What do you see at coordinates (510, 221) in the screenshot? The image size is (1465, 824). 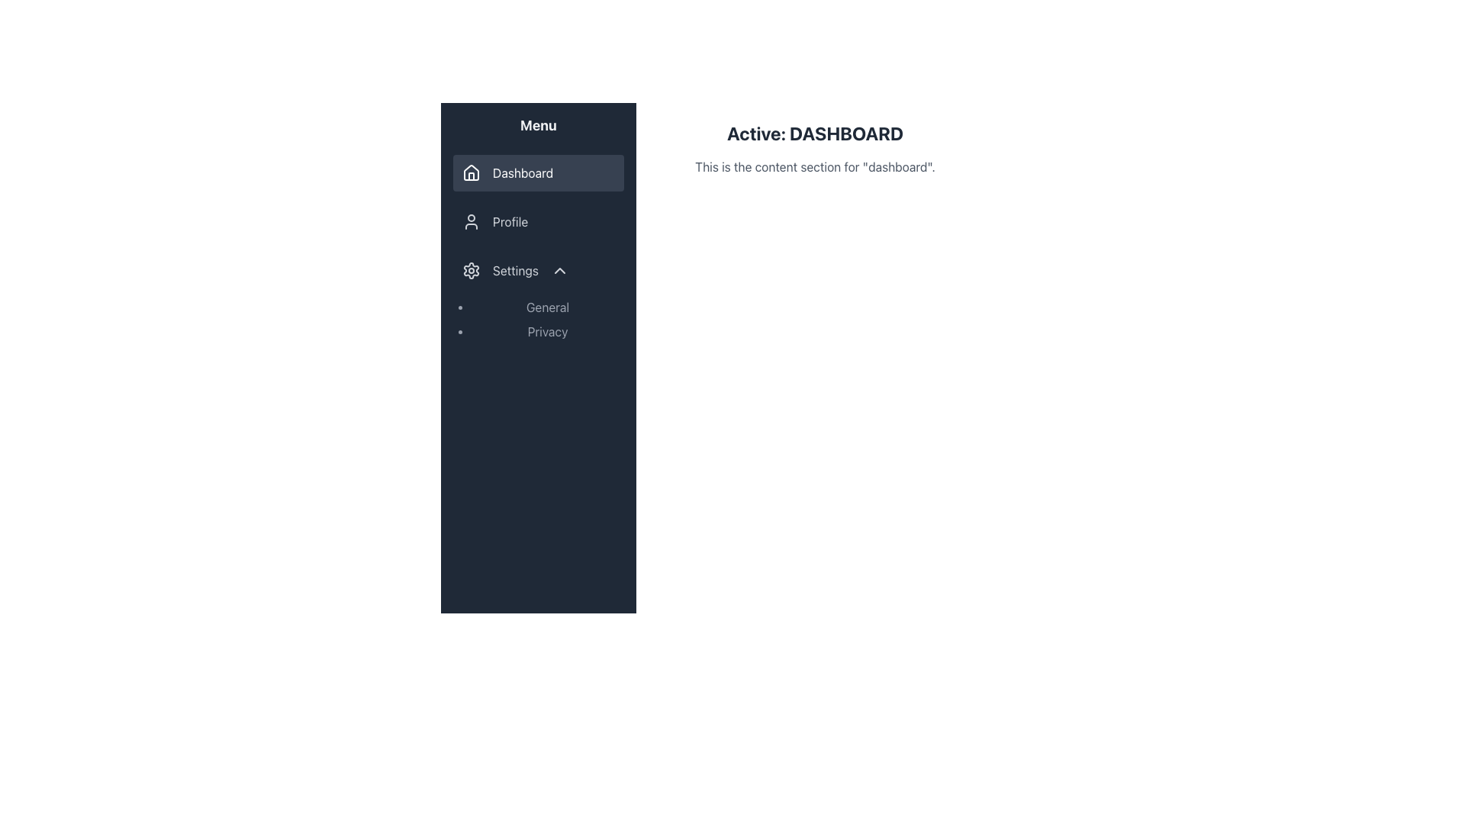 I see `'Profile' label located on the vertical sidebar menu, positioned between 'Dashboard' and 'Settings'` at bounding box center [510, 221].